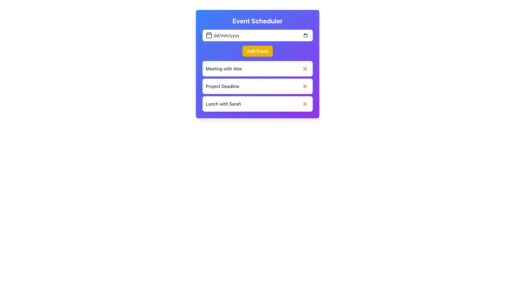 Image resolution: width=529 pixels, height=297 pixels. Describe the element at coordinates (305, 104) in the screenshot. I see `the delete button for the 'Lunch with Sarah' event` at that location.